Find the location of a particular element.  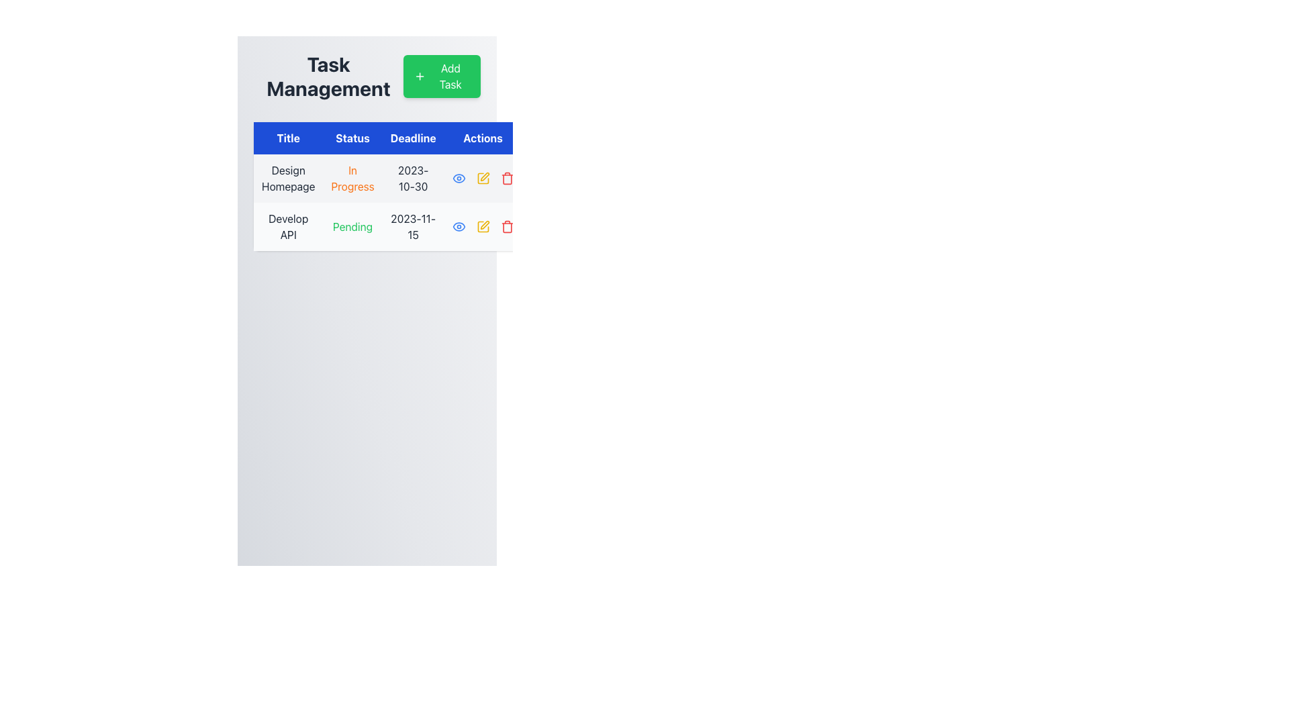

the edit icon in the Actions column of the task management interface for the 'Design Homepage' task is located at coordinates (483, 226).